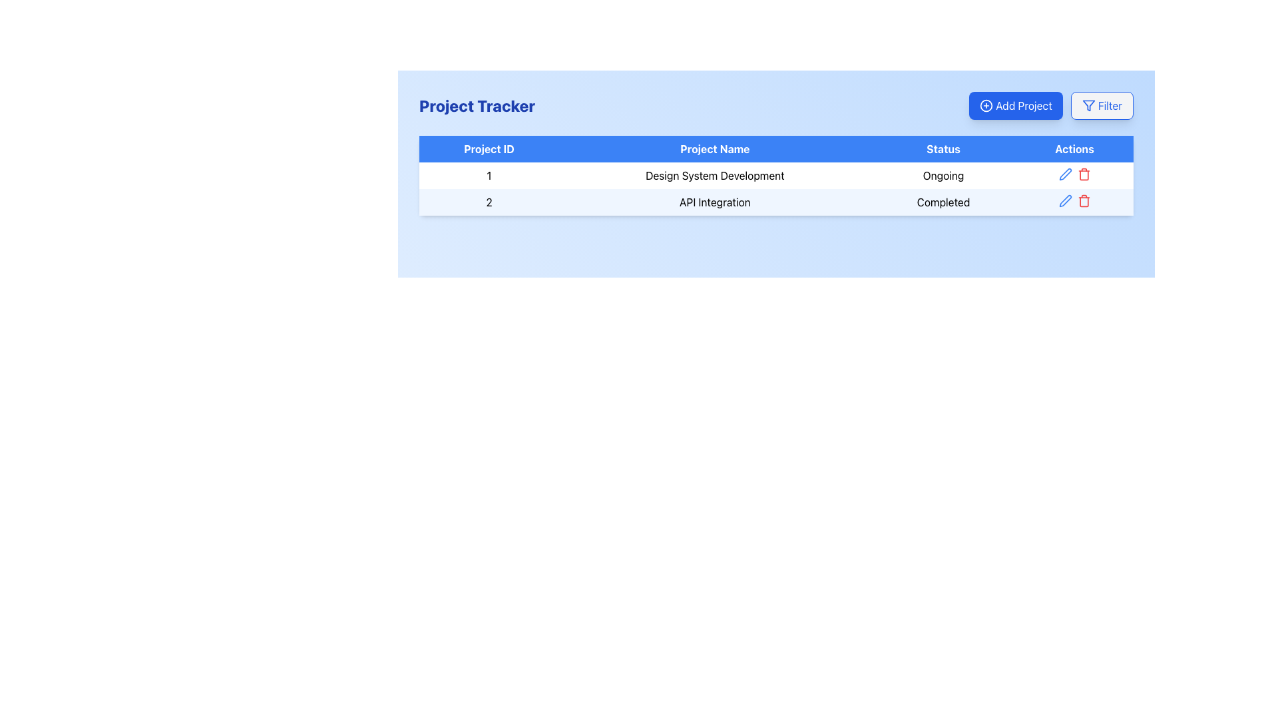 The height and width of the screenshot is (719, 1278). I want to click on the table cell displaying the numeral '1' in bold, located under the 'Project ID' column in the first row of the table, which has a white background, so click(488, 174).